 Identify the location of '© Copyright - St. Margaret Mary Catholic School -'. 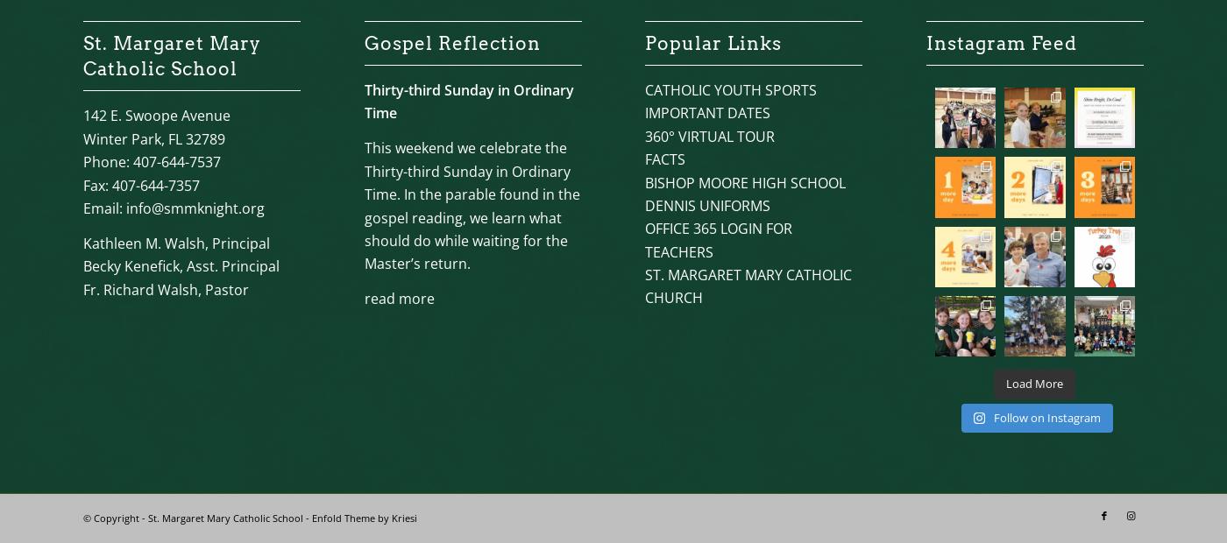
(197, 518).